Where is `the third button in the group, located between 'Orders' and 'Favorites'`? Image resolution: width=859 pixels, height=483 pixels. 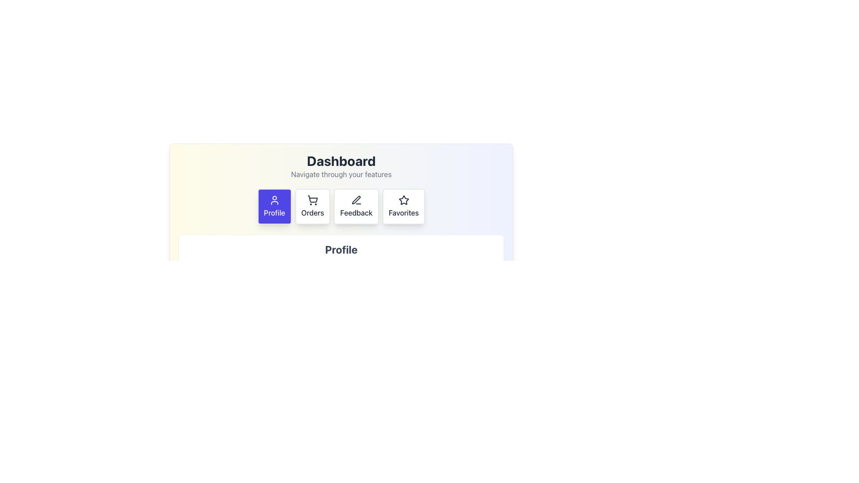 the third button in the group, located between 'Orders' and 'Favorites' is located at coordinates (356, 207).